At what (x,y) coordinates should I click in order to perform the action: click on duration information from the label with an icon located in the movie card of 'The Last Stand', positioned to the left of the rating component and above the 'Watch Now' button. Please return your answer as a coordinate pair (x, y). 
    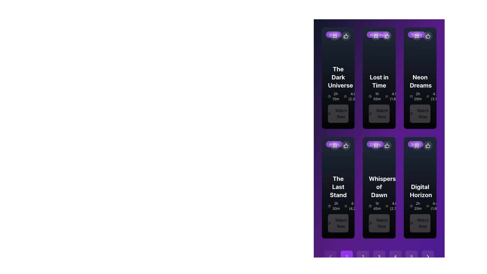
    Looking at the image, I should click on (338, 206).